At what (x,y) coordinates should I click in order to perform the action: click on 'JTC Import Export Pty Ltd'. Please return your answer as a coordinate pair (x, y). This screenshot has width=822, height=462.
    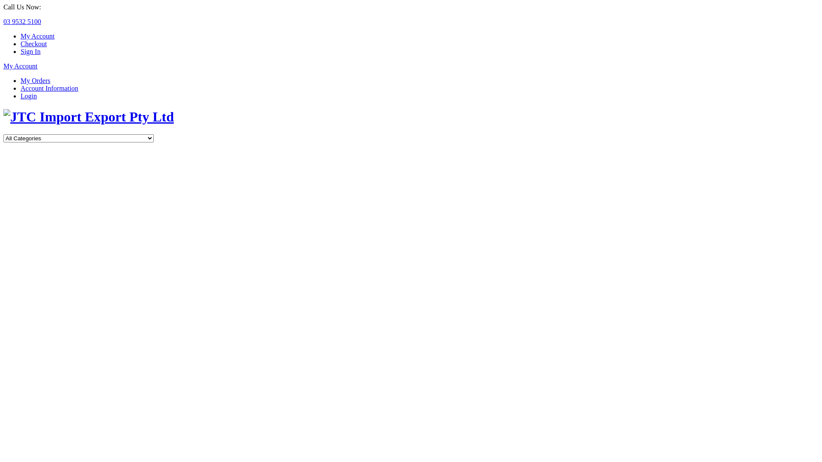
    Looking at the image, I should click on (3, 117).